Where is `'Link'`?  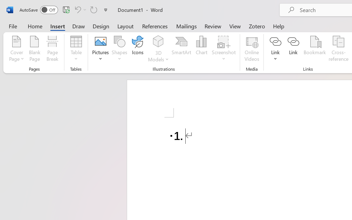
'Link' is located at coordinates (276, 49).